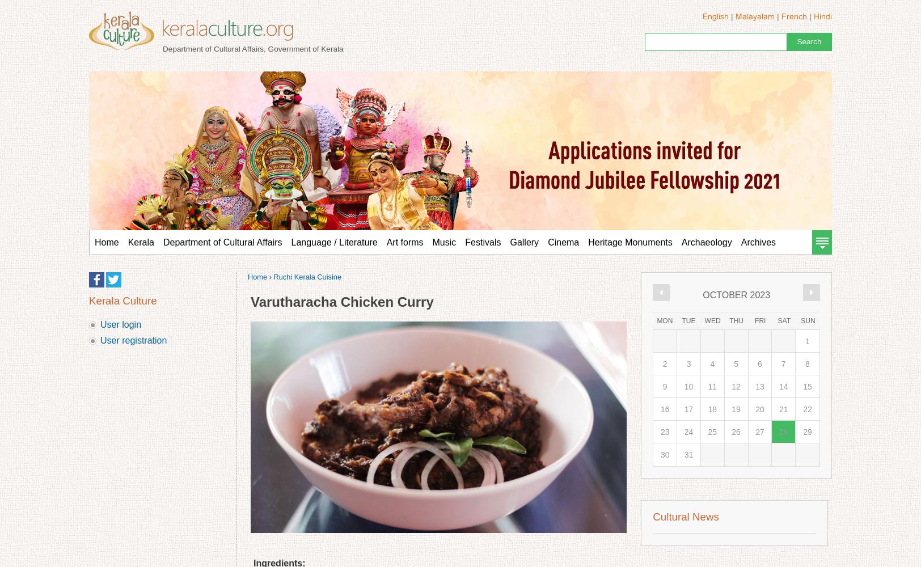 This screenshot has height=567, width=921. I want to click on 'Music', so click(443, 242).